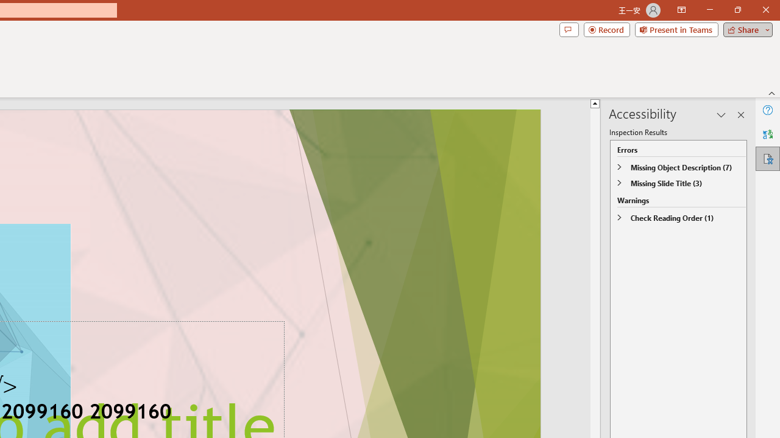  Describe the element at coordinates (745, 29) in the screenshot. I see `'Share'` at that location.